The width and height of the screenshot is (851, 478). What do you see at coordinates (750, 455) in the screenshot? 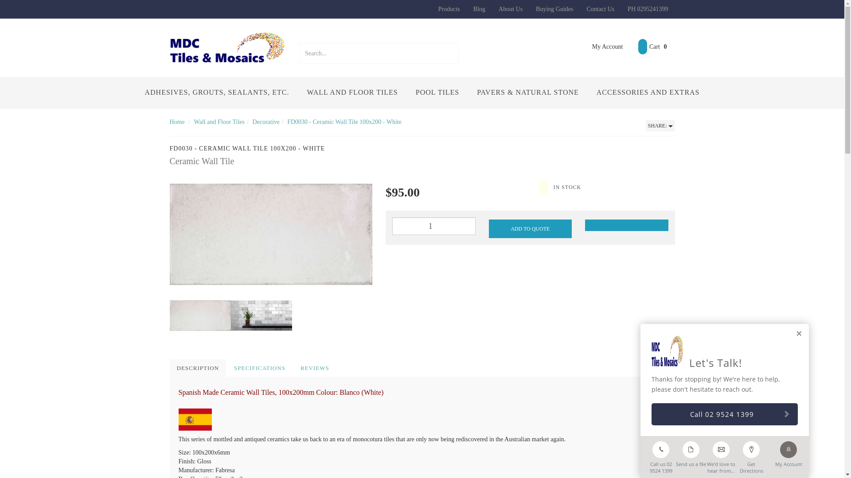
I see `'Get Directions'` at bounding box center [750, 455].